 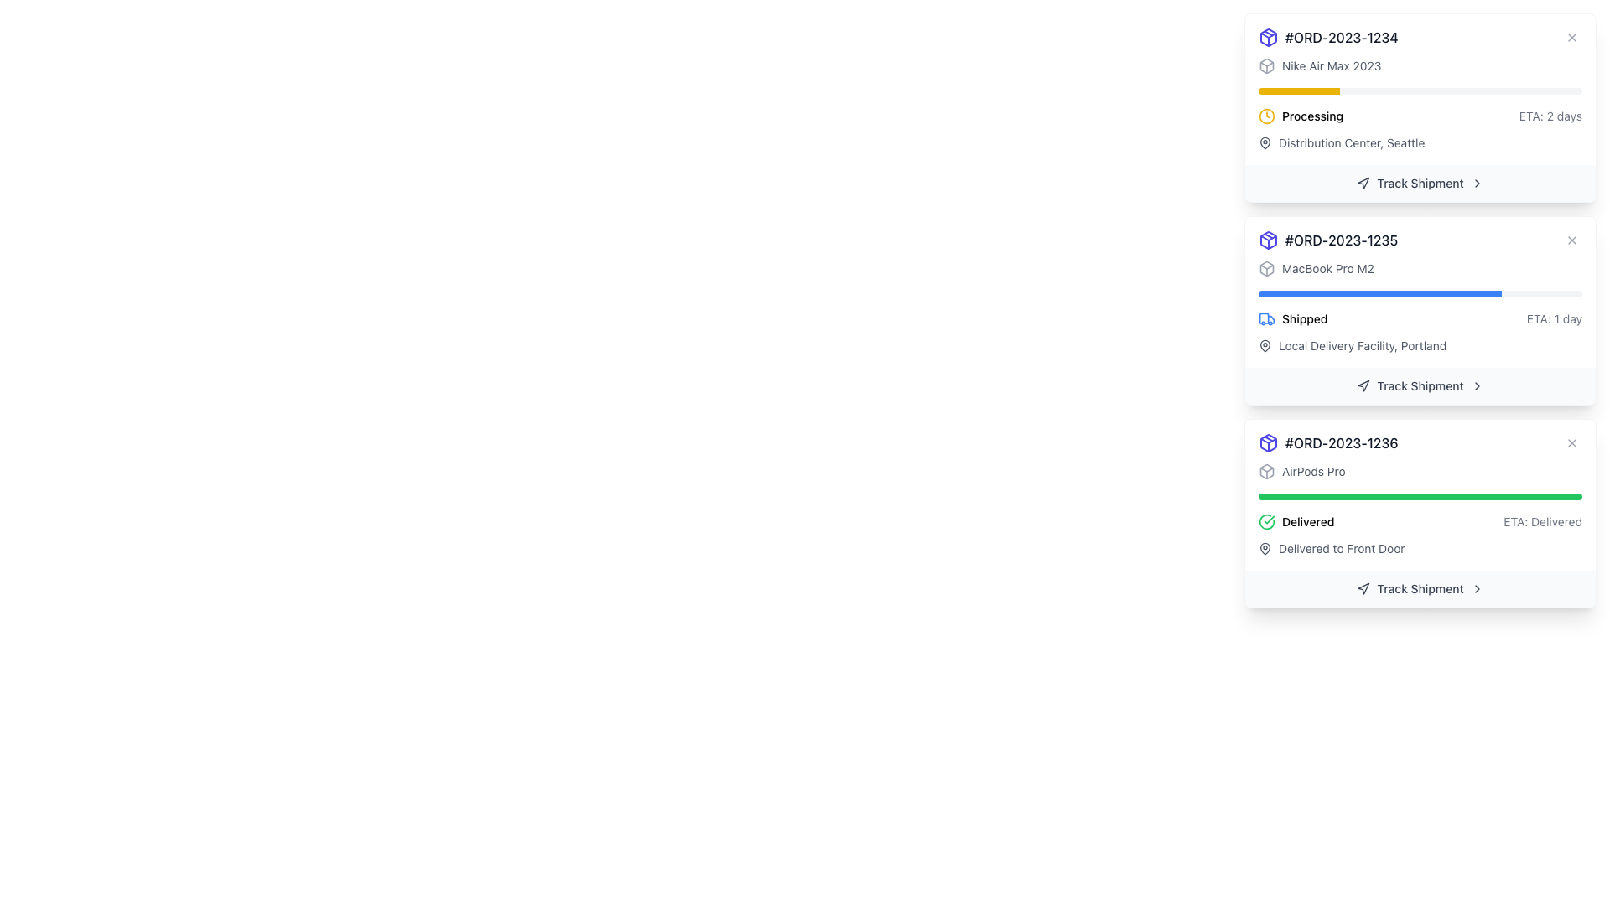 What do you see at coordinates (1267, 267) in the screenshot?
I see `graphical icon representing shipment and delivery information located at the top left corner of the card labeled '#ORD-2023-1235', which is the second card in the vertical list on the right side of the interface` at bounding box center [1267, 267].